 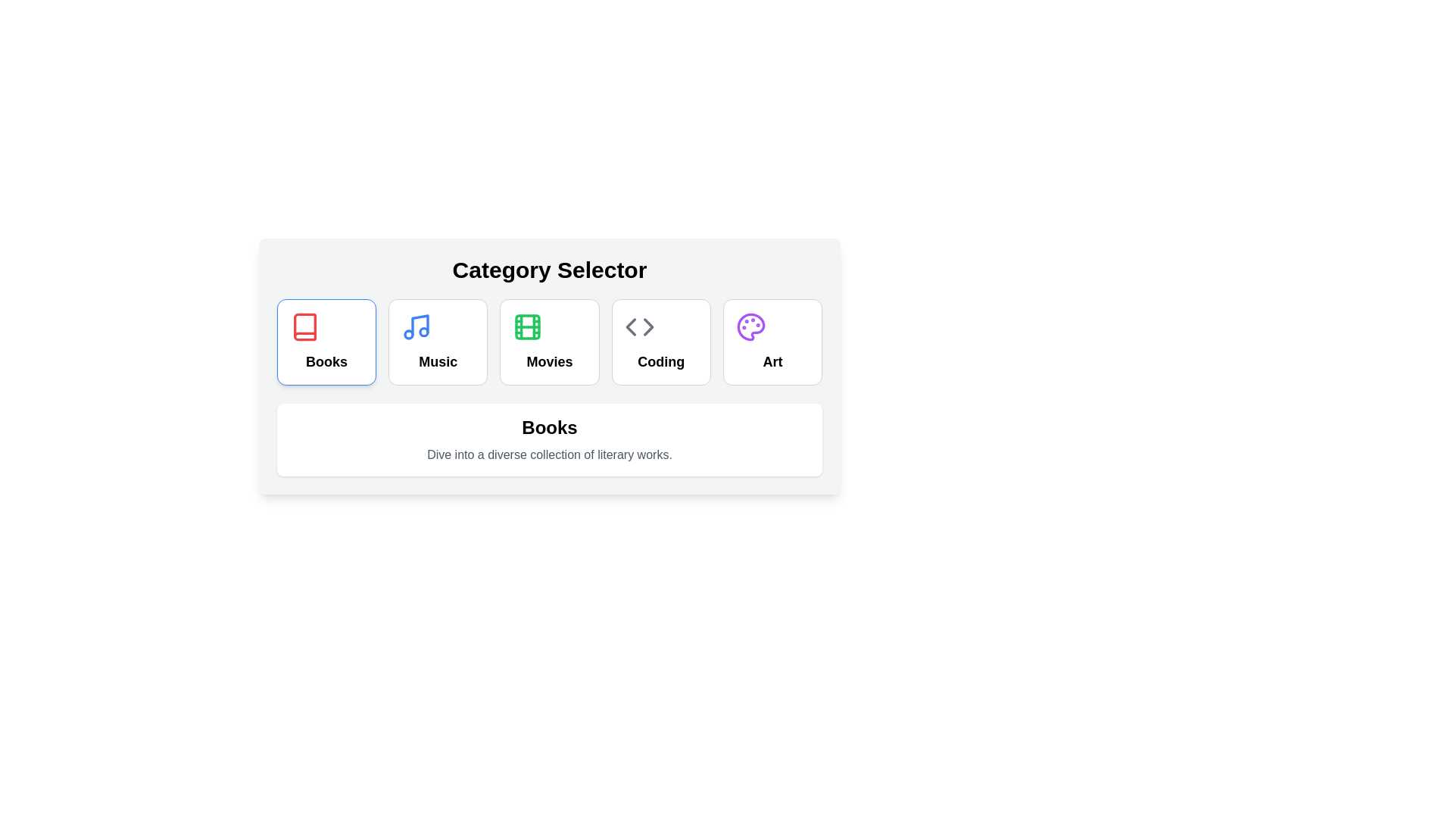 What do you see at coordinates (548, 342) in the screenshot?
I see `the 'Movies' category button` at bounding box center [548, 342].